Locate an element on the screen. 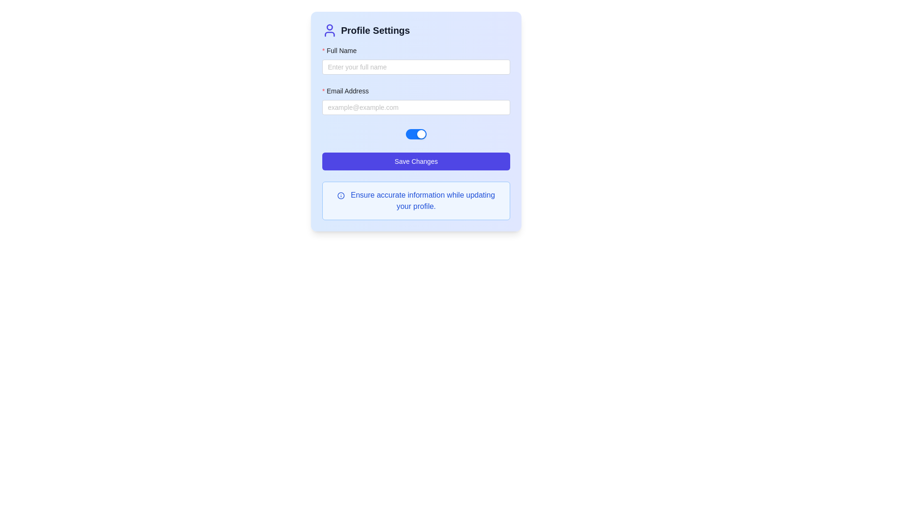  the toggle switch located below the 'Email Address' input field and above the 'Save Changes' button in the profile settings form is located at coordinates (416, 134).